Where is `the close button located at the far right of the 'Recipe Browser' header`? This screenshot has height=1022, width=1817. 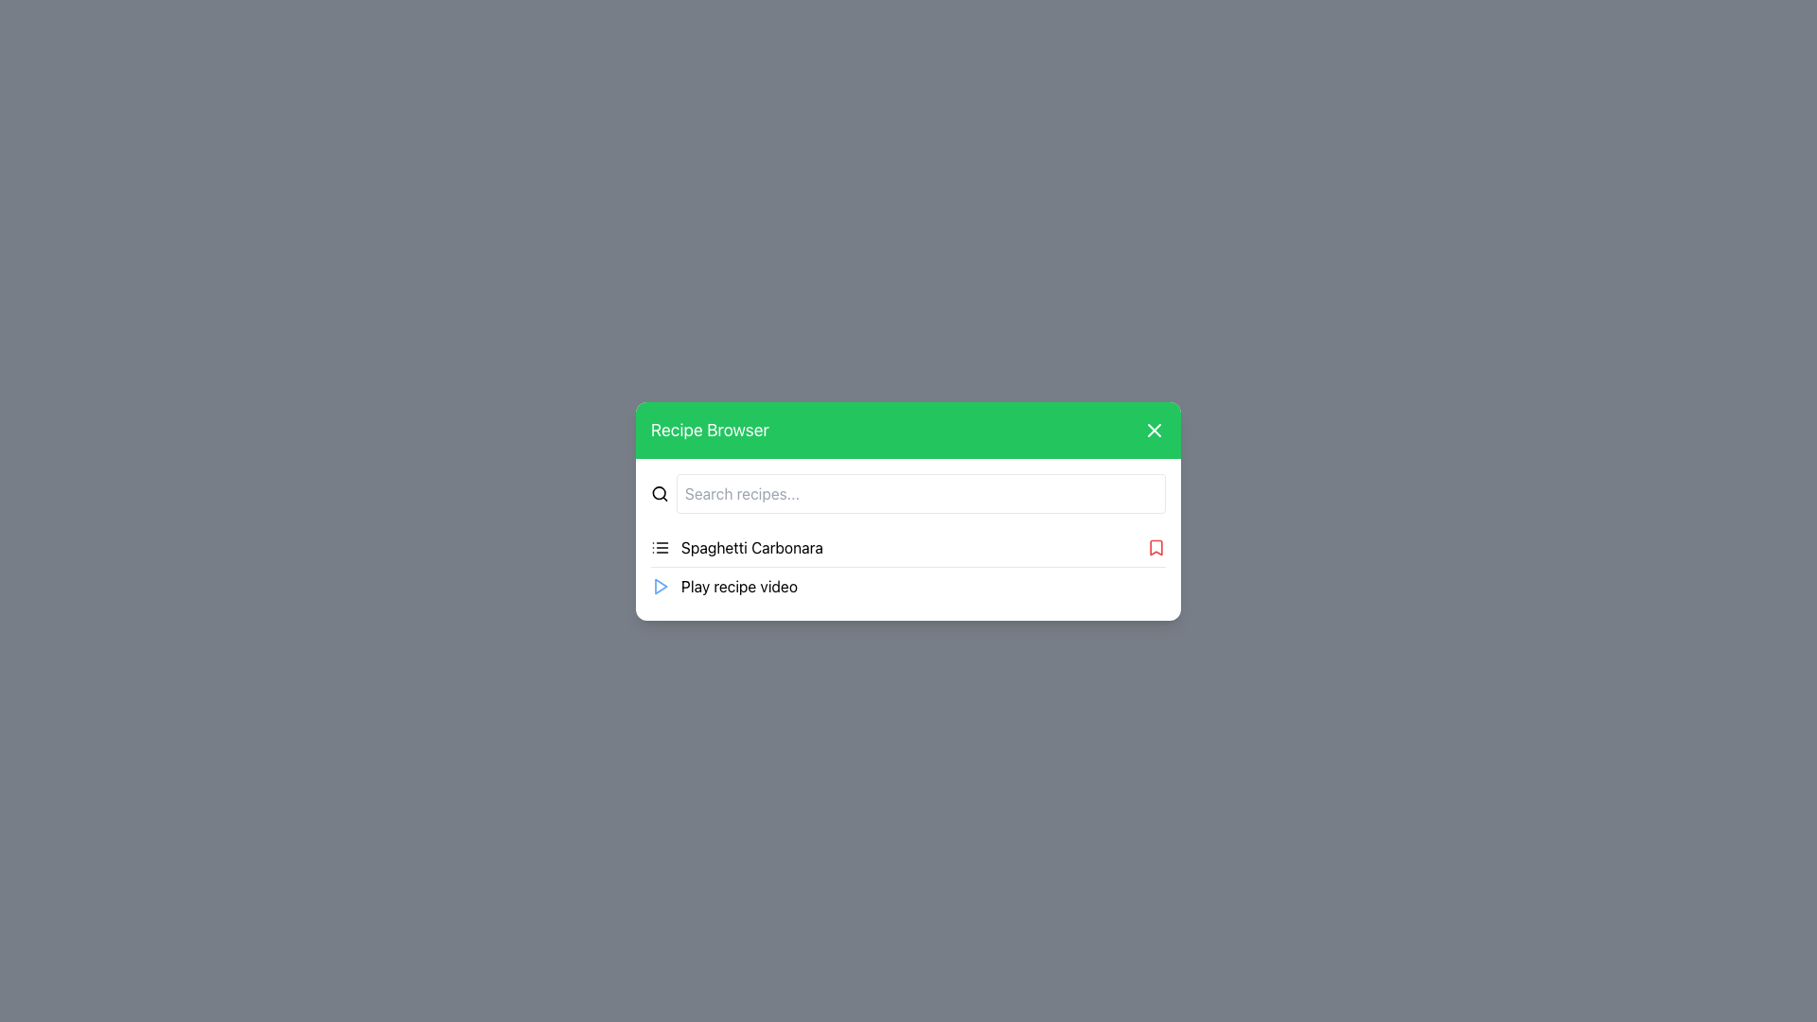
the close button located at the far right of the 'Recipe Browser' header is located at coordinates (1153, 430).